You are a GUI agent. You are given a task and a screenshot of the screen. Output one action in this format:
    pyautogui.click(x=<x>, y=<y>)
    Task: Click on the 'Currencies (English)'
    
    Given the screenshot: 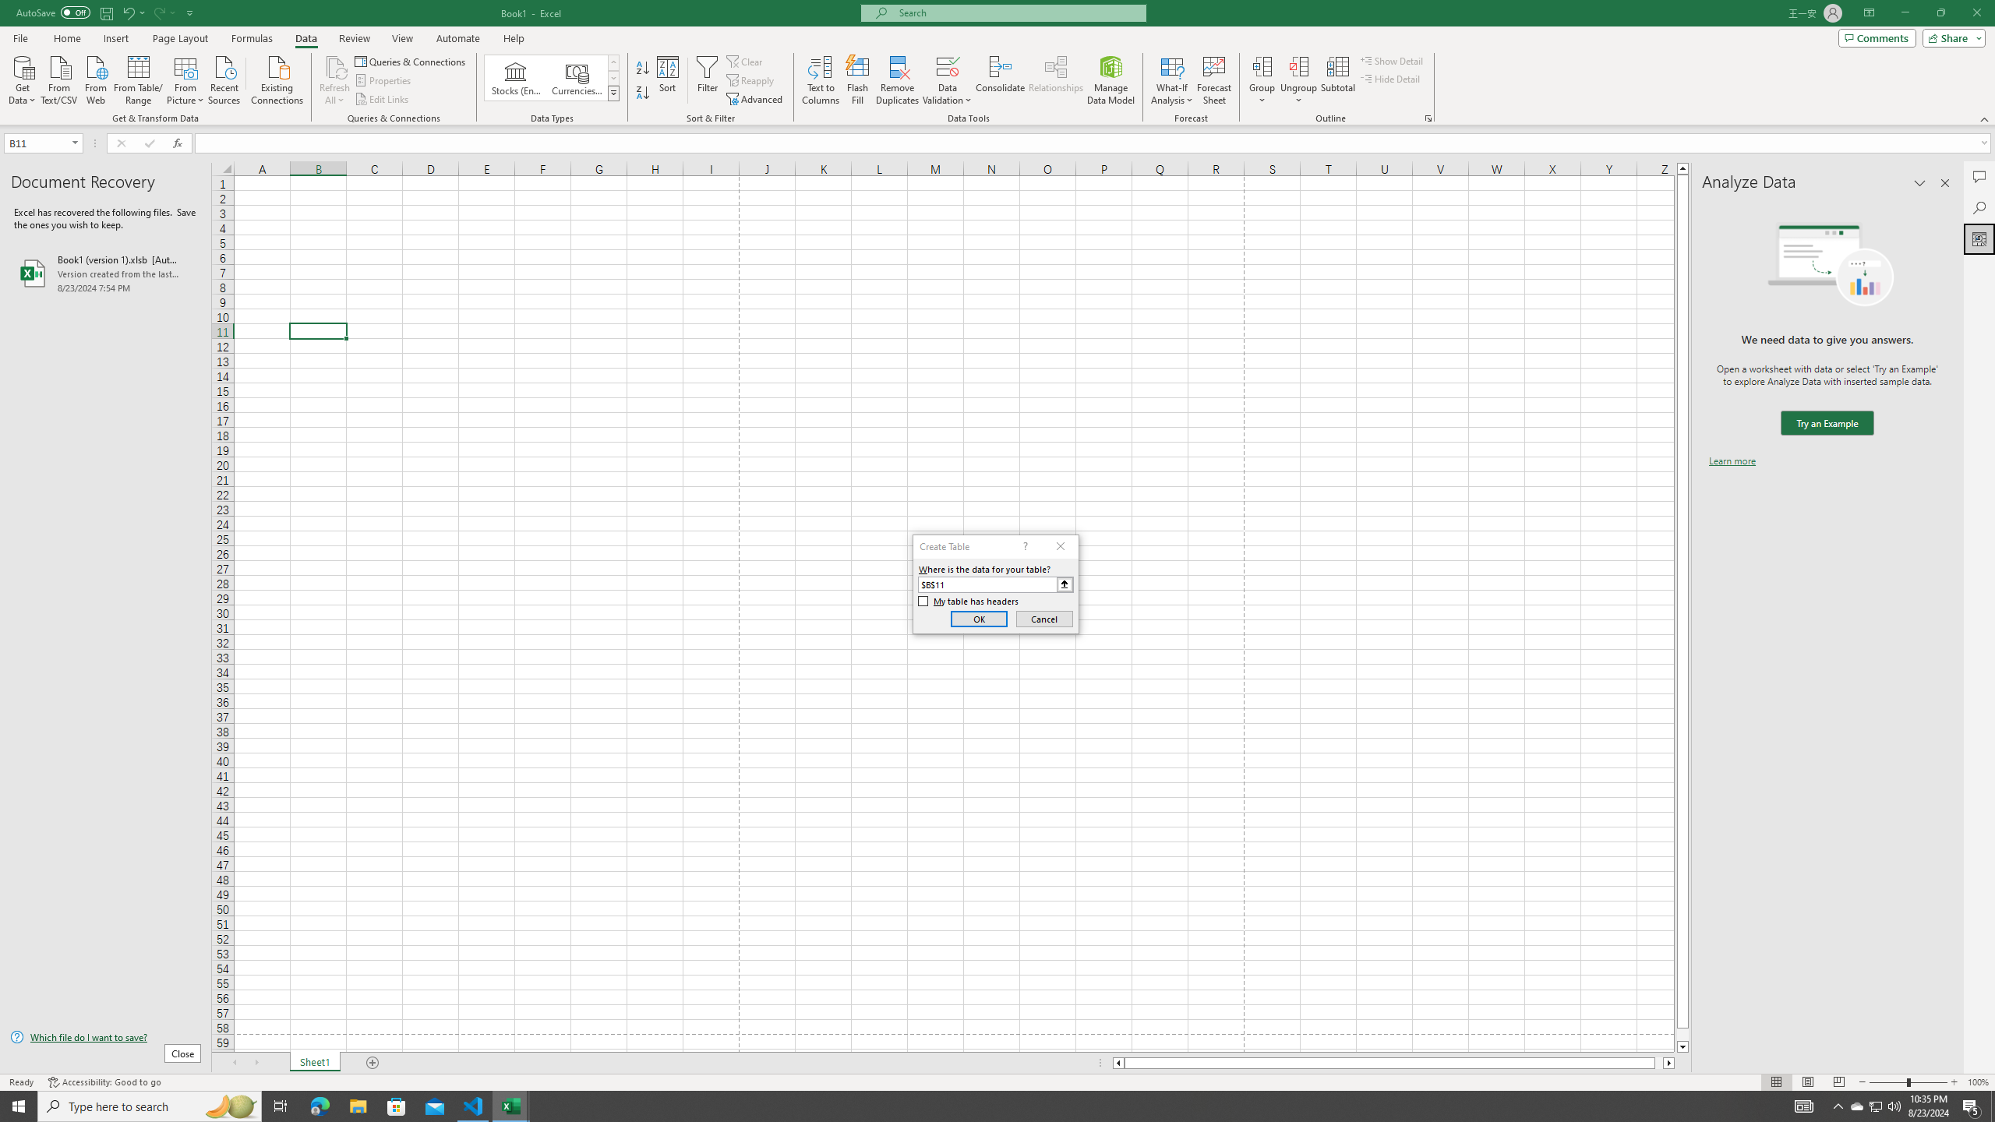 What is the action you would take?
    pyautogui.click(x=575, y=77)
    